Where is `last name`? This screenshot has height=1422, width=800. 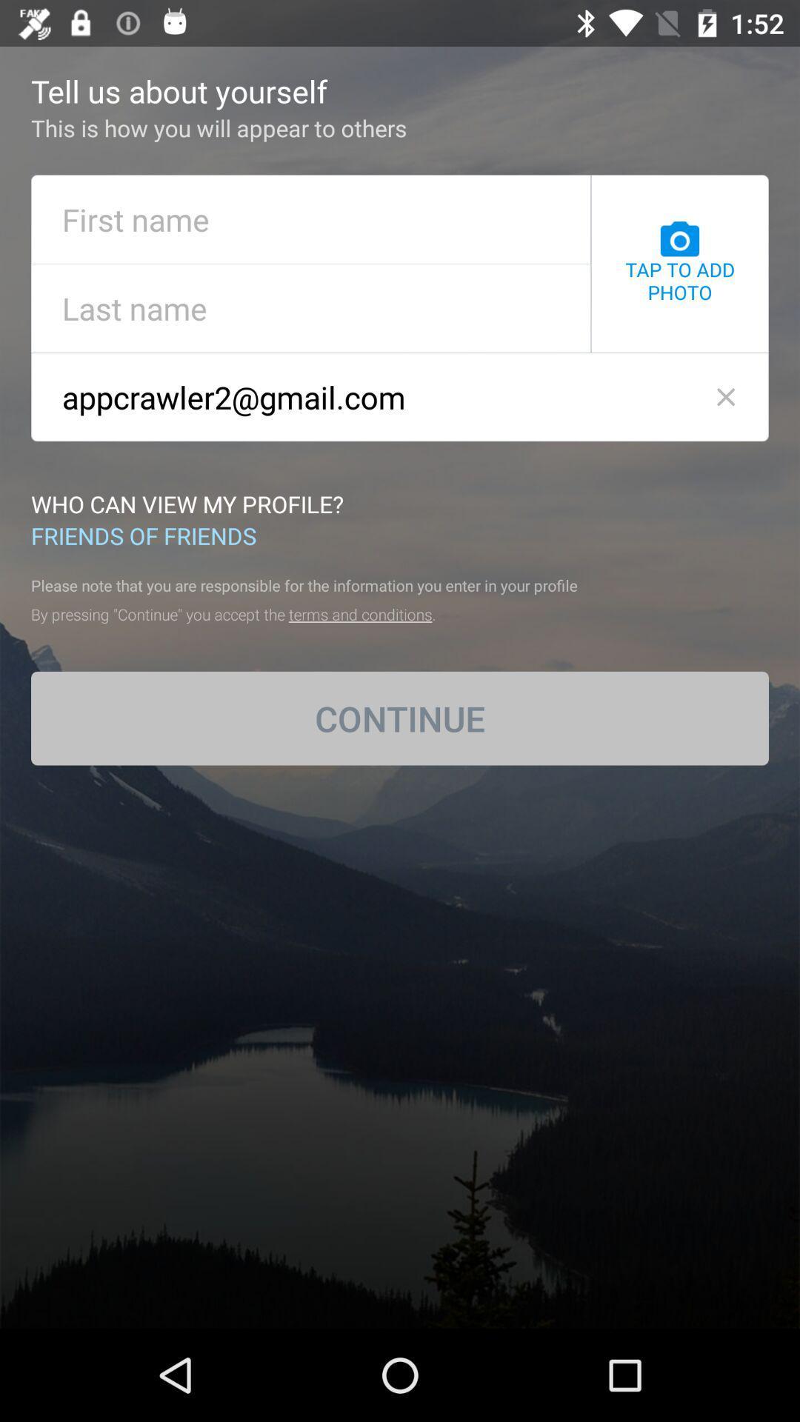 last name is located at coordinates (310, 307).